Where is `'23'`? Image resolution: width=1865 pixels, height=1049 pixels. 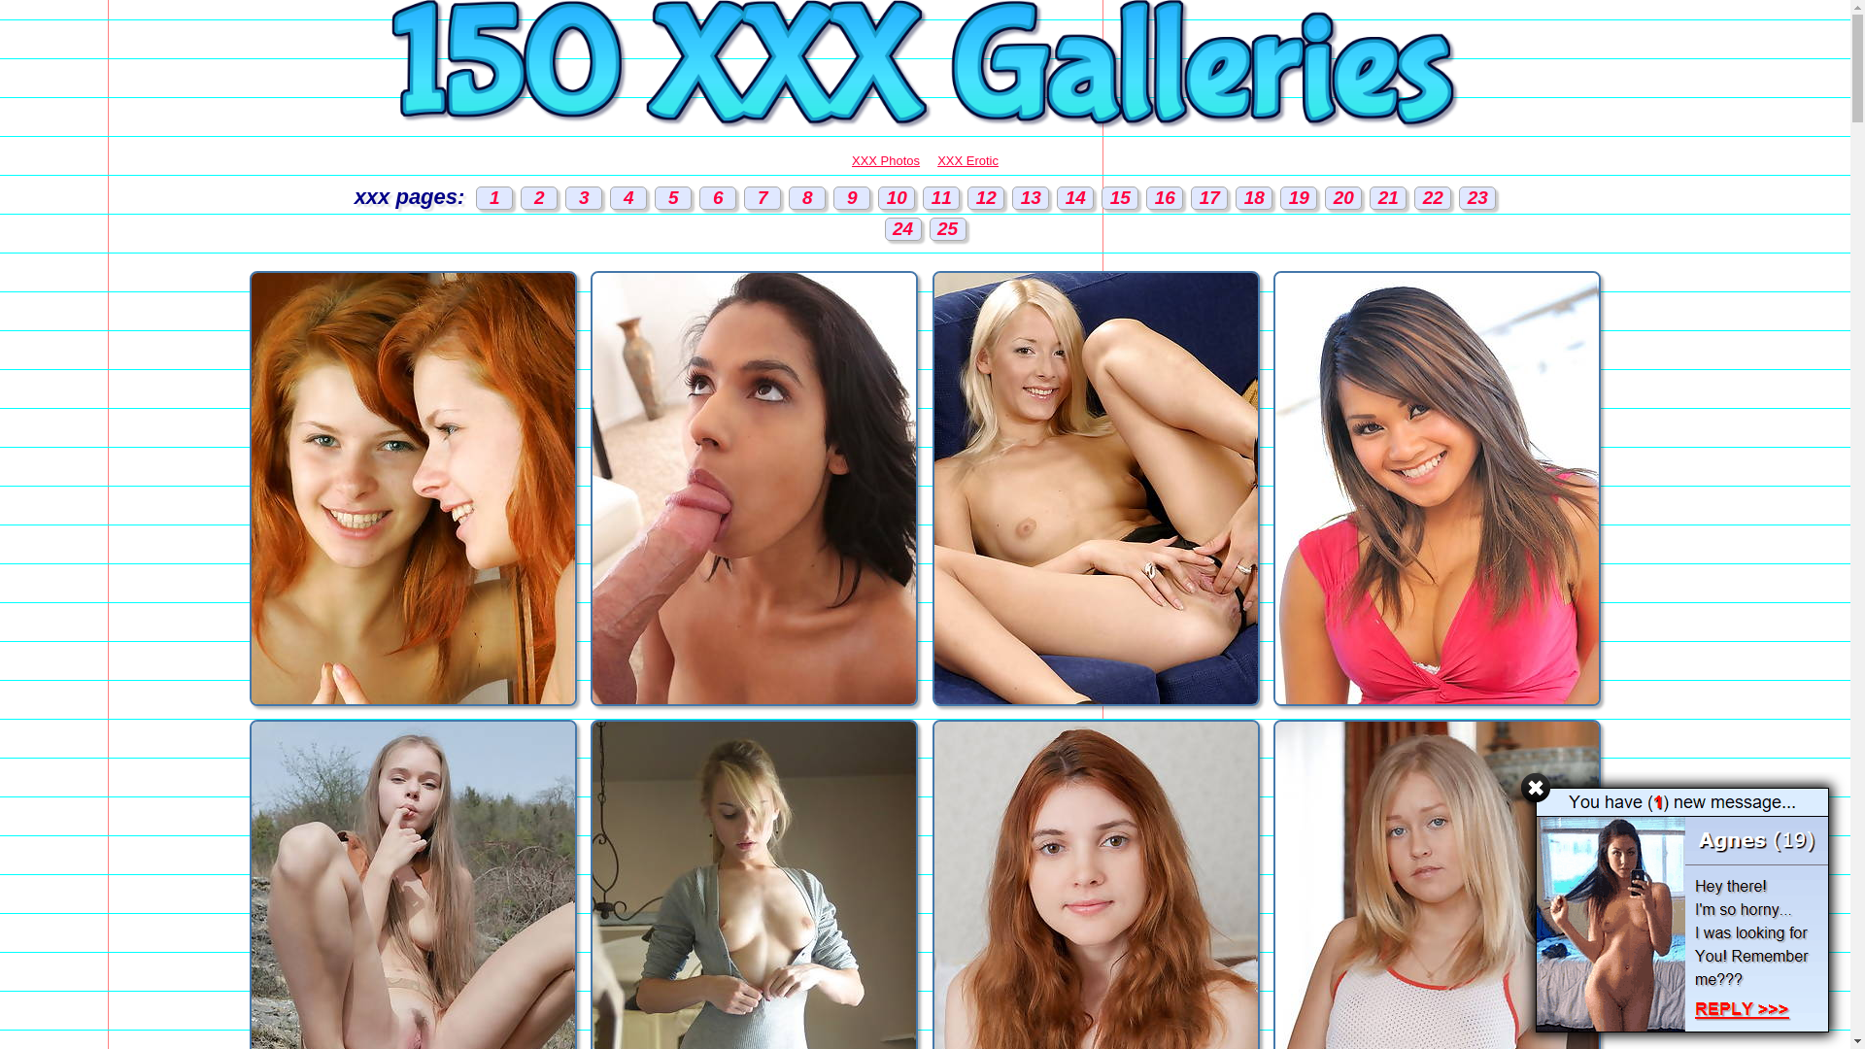 '23' is located at coordinates (1476, 198).